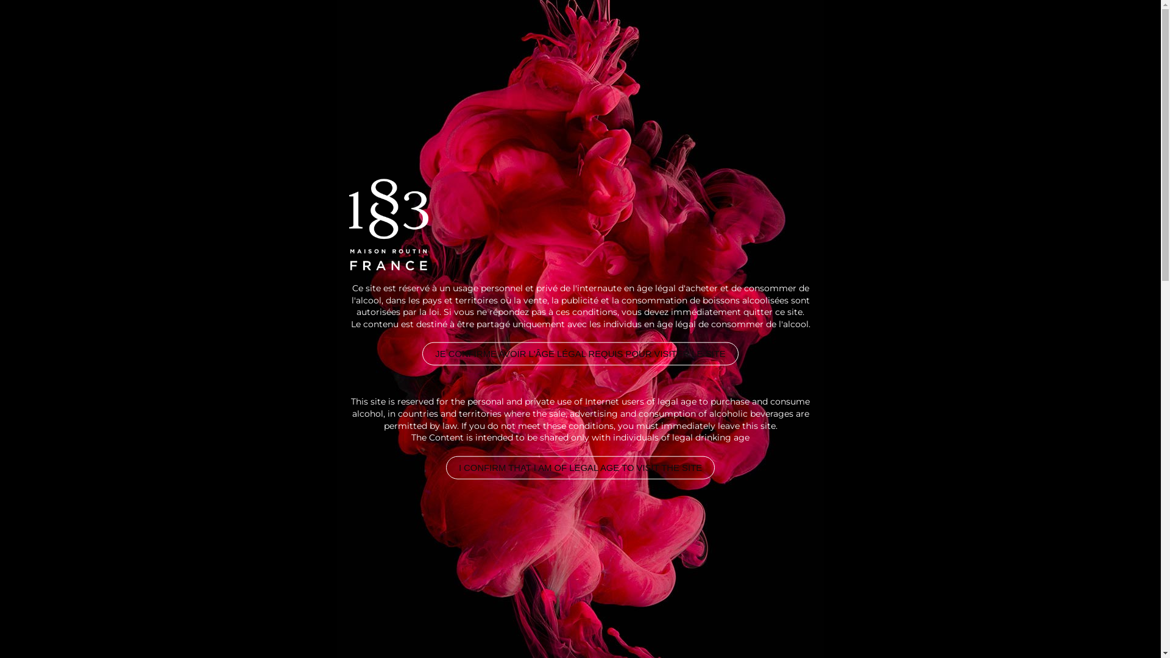 This screenshot has width=1170, height=658. I want to click on 'TRENDS', so click(948, 49).